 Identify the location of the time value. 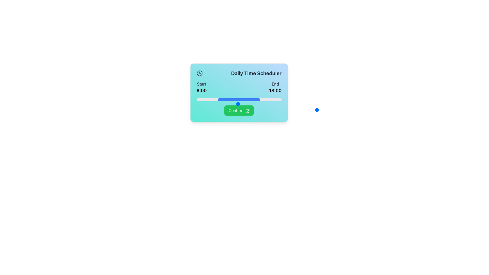
(203, 104).